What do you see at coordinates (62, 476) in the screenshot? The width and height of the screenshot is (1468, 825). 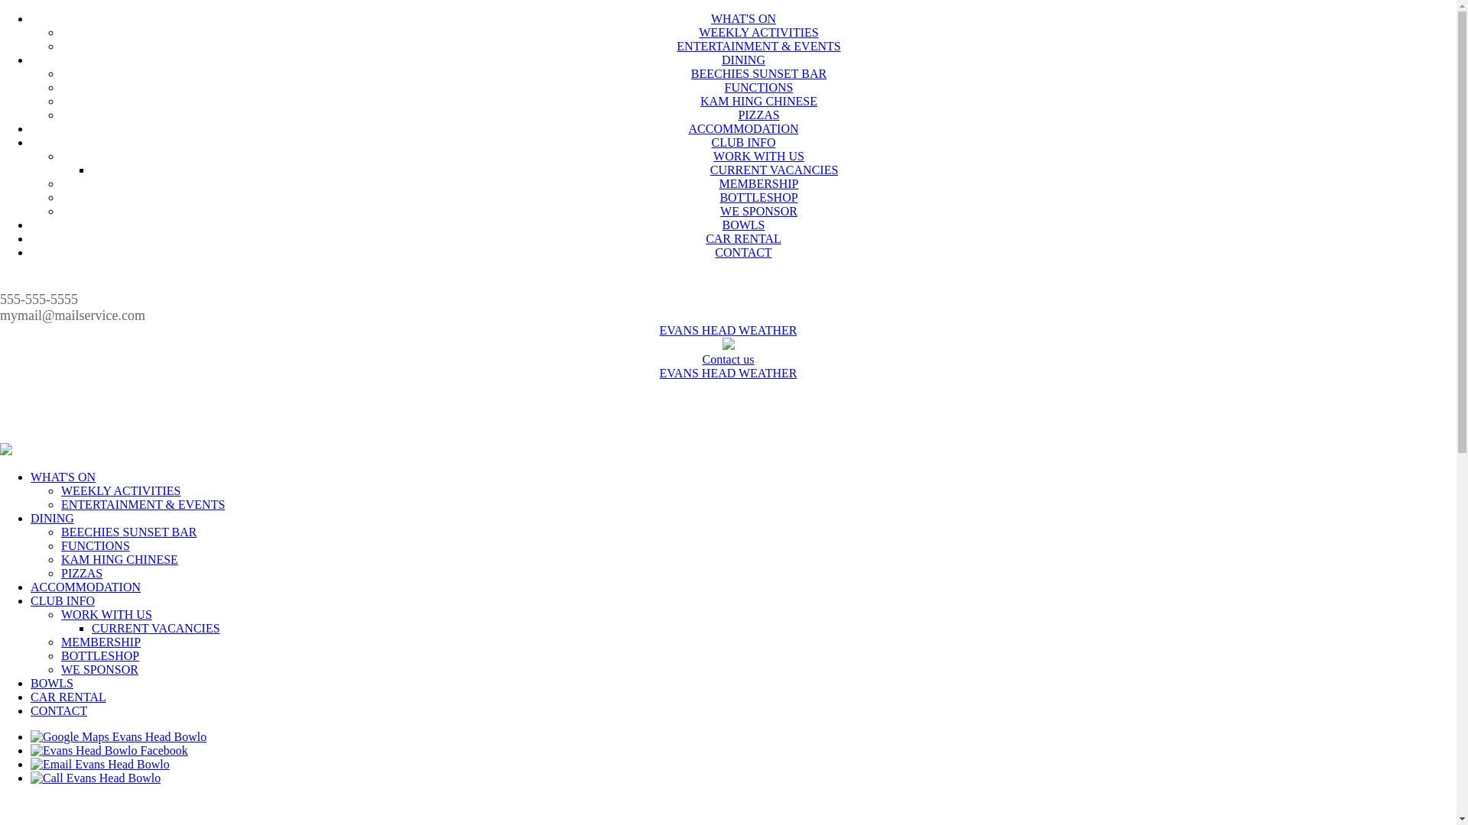 I see `'WHAT'S ON'` at bounding box center [62, 476].